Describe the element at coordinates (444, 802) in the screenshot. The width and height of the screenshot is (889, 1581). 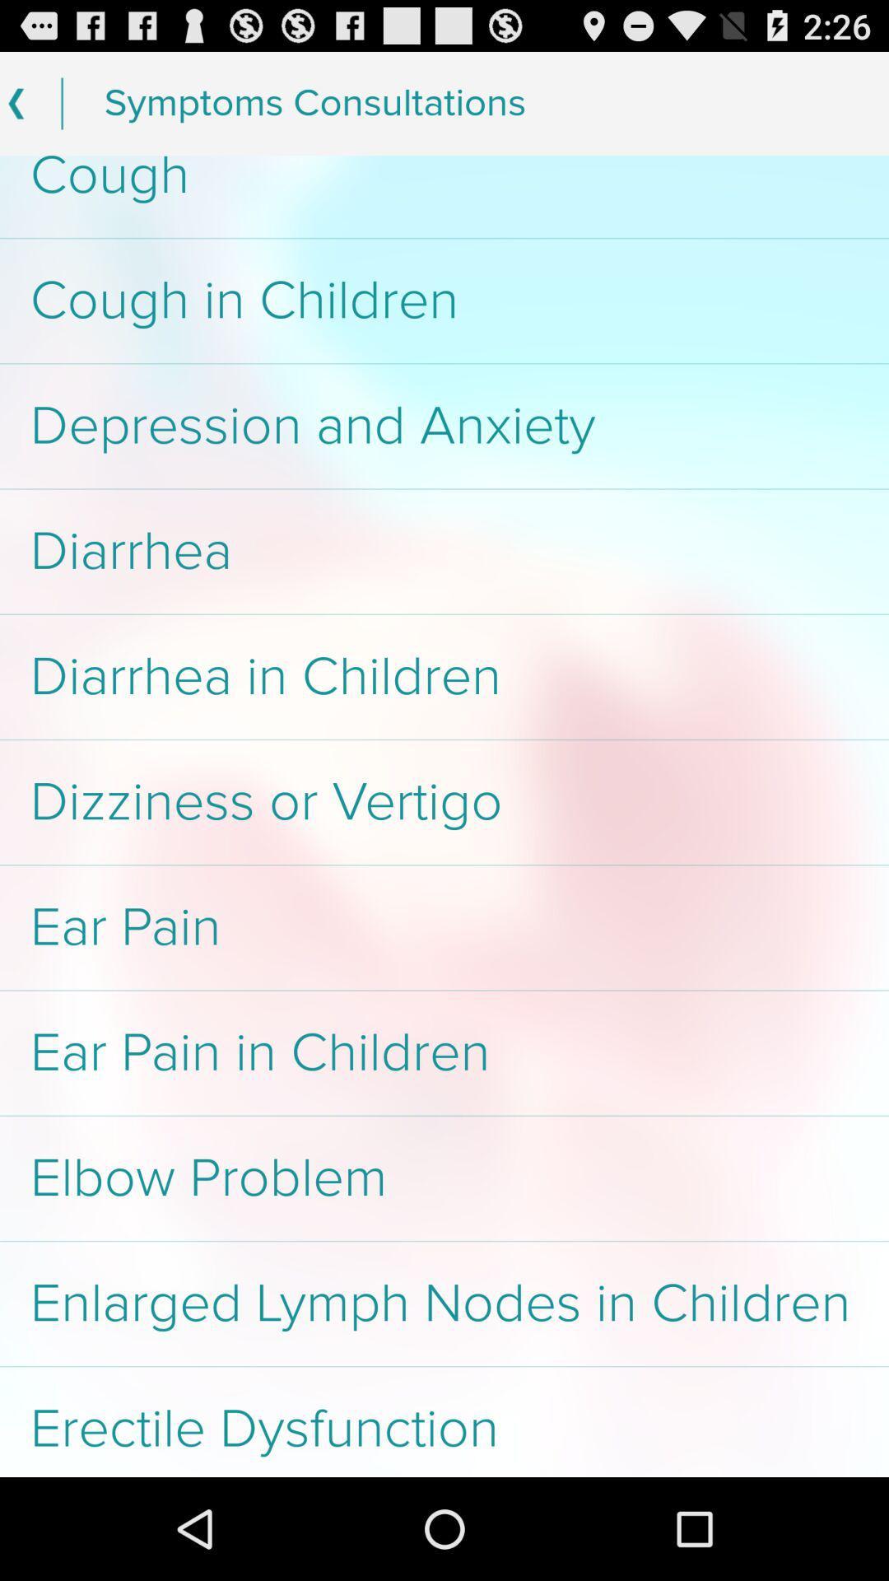
I see `item below diarrhea in children icon` at that location.